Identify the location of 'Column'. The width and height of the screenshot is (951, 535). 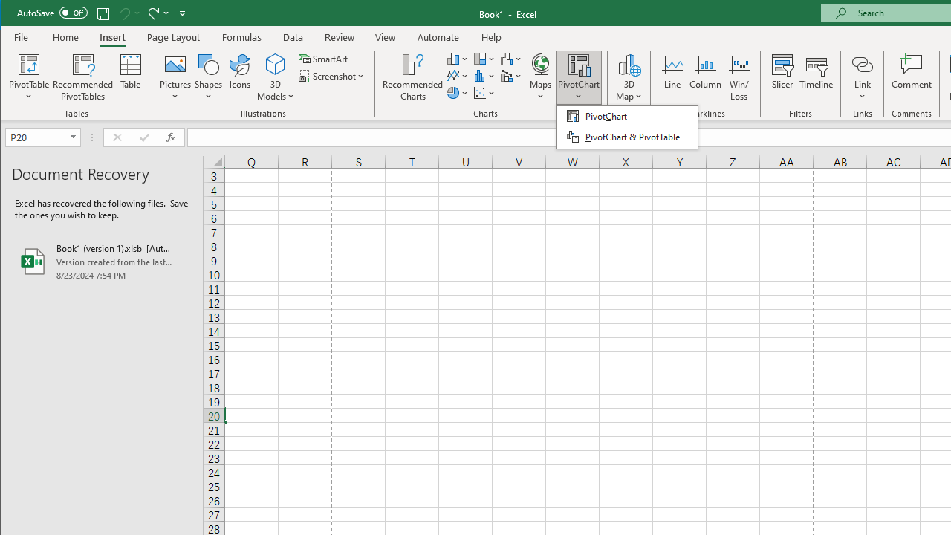
(704, 77).